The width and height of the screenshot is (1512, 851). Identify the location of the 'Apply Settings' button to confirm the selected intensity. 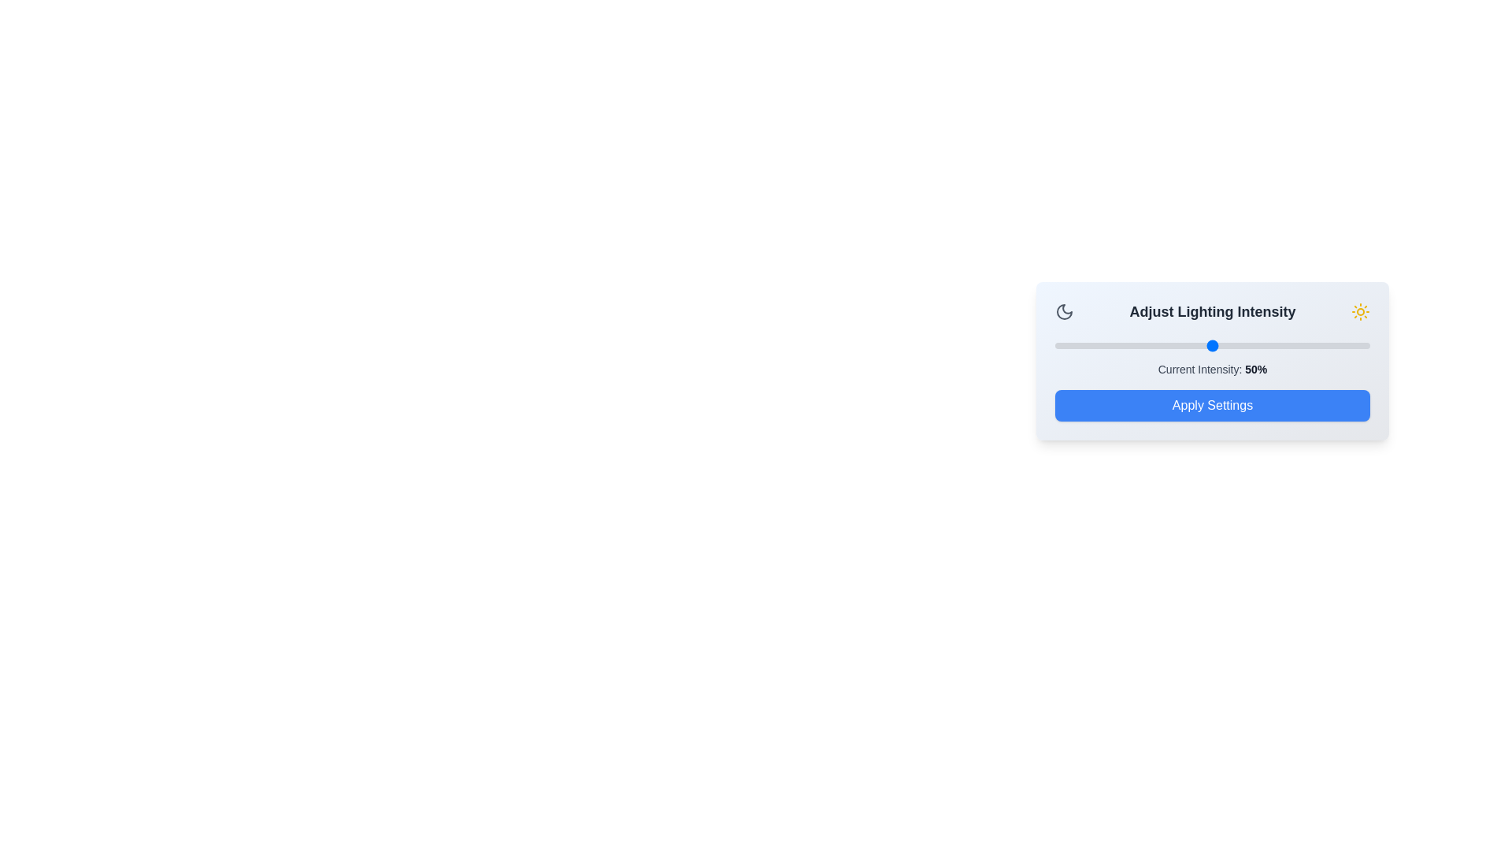
(1212, 405).